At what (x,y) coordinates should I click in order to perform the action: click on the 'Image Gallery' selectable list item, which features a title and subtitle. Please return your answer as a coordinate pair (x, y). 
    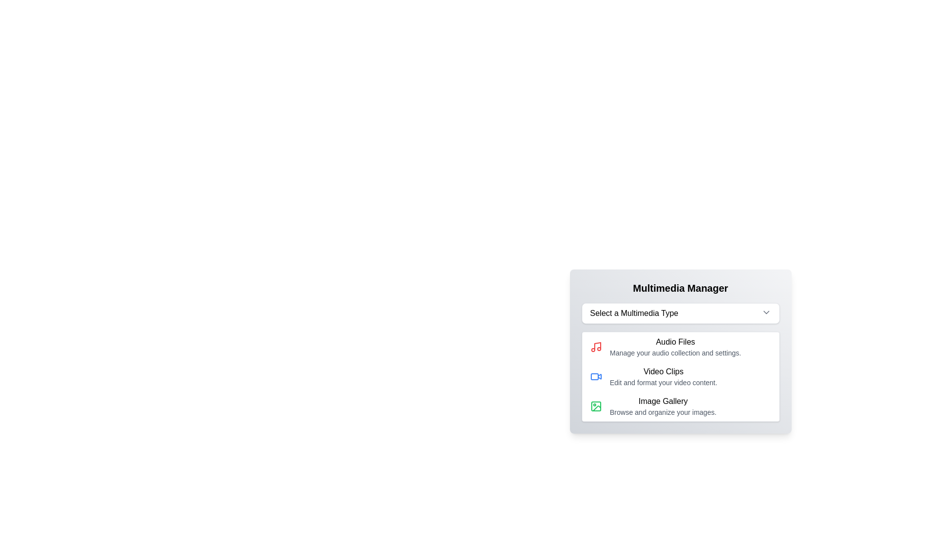
    Looking at the image, I should click on (663, 406).